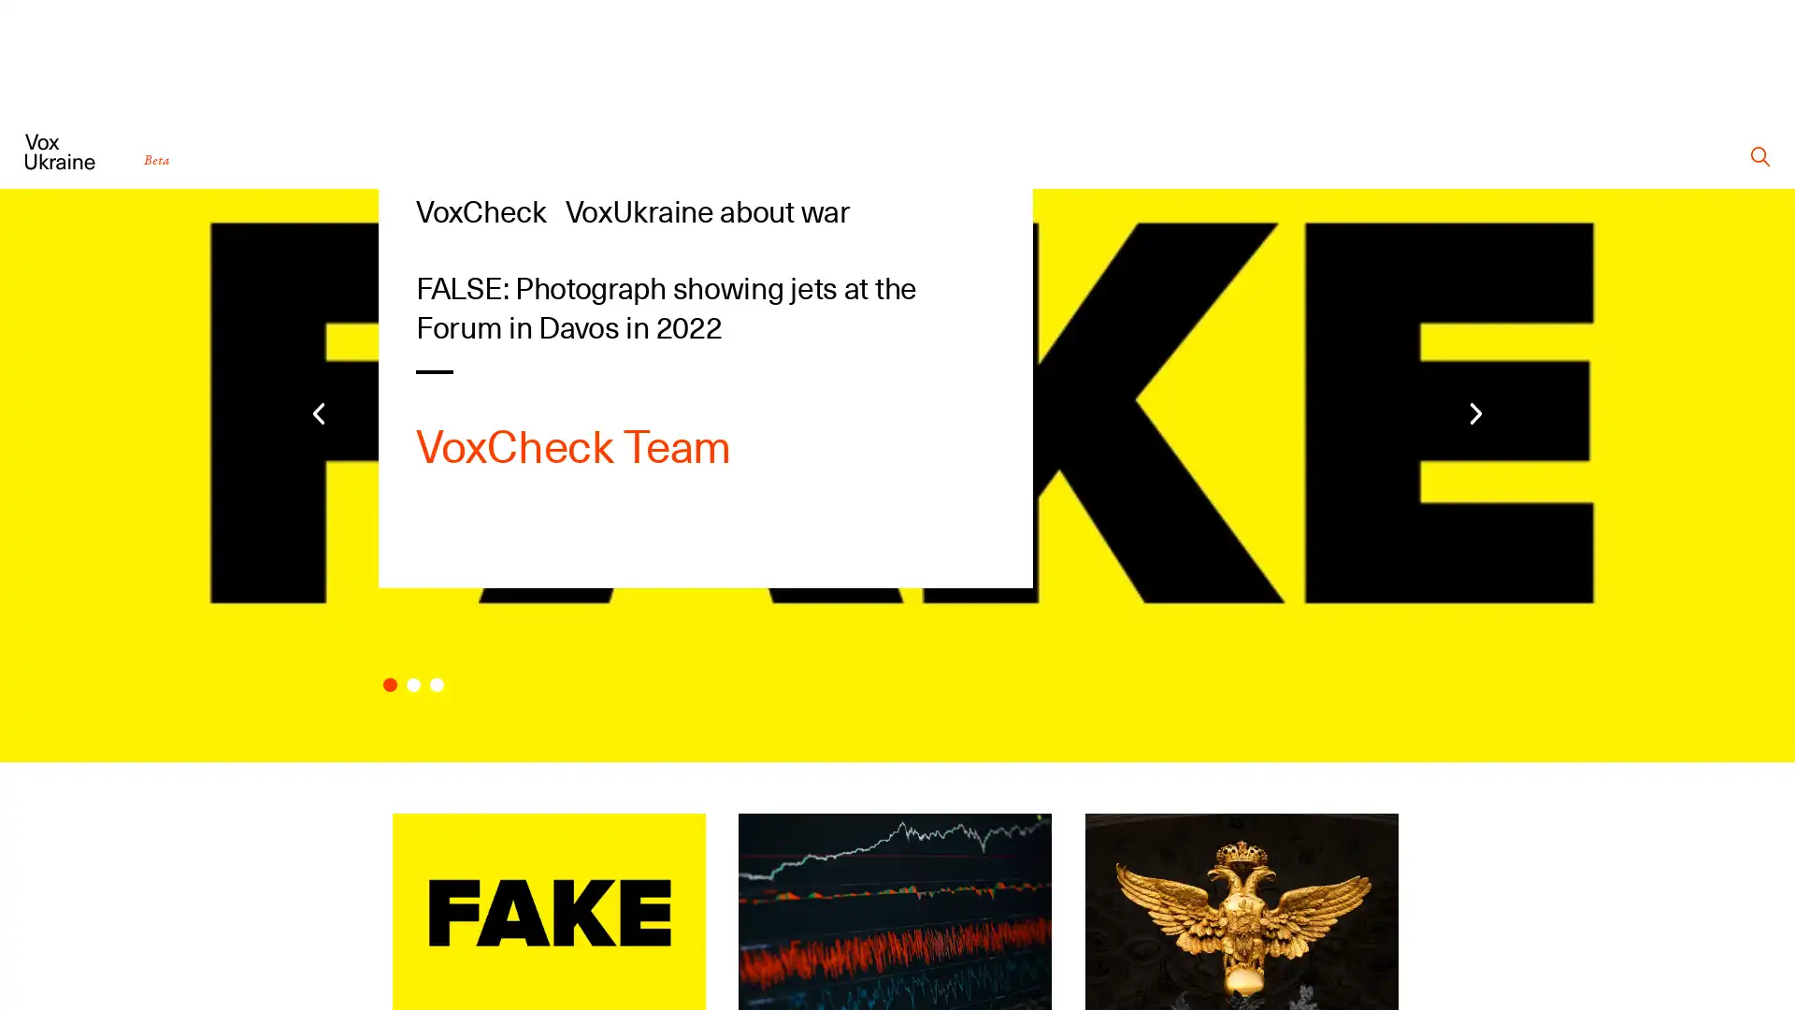 Image resolution: width=1795 pixels, height=1010 pixels. Describe the element at coordinates (436, 753) in the screenshot. I see `Carousel Page 3` at that location.